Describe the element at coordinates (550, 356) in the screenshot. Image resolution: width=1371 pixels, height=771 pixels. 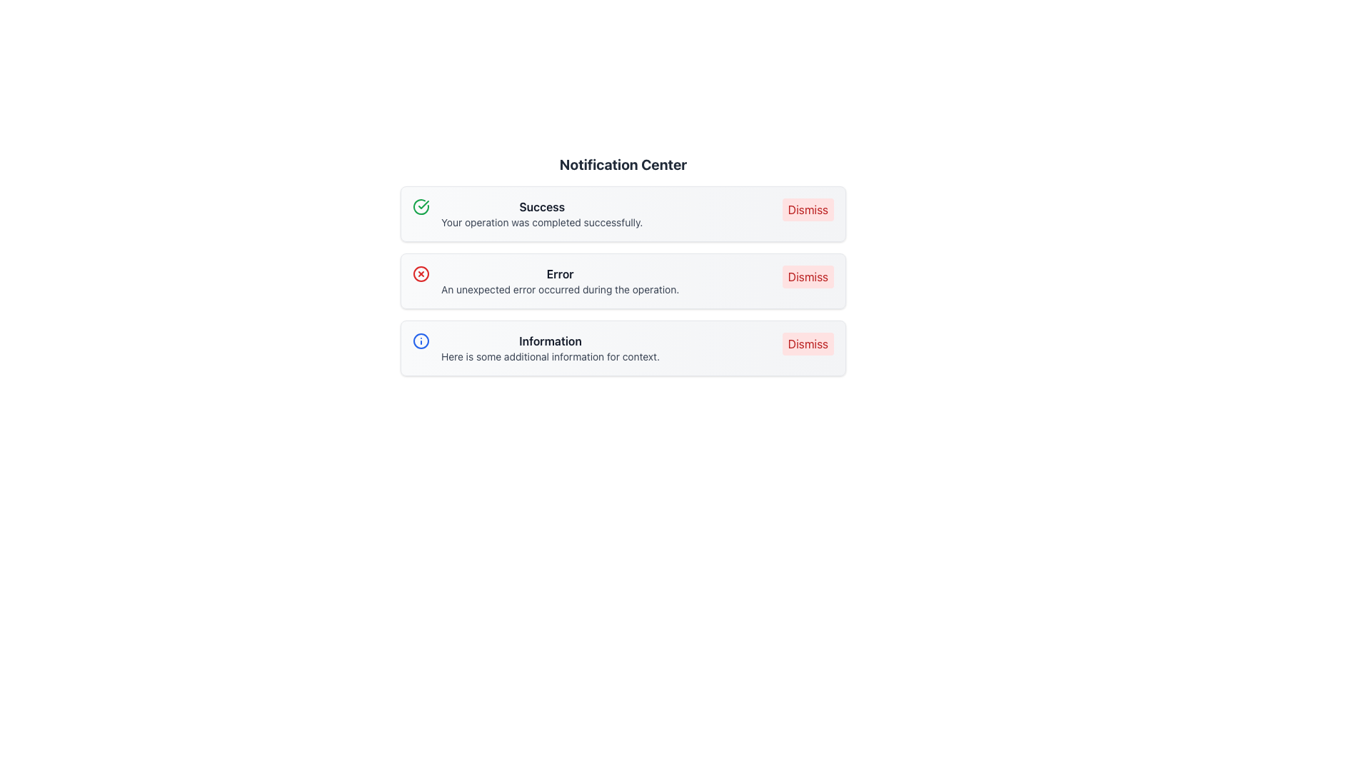
I see `the text label displaying 'Here is some additional information for context.' located beneath the header 'Information' in the notification card` at that location.